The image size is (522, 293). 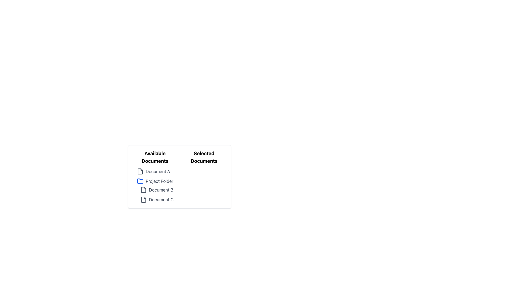 I want to click on the list item representing the document named 'Document A' located directly under the 'Available Documents' header, so click(x=155, y=171).